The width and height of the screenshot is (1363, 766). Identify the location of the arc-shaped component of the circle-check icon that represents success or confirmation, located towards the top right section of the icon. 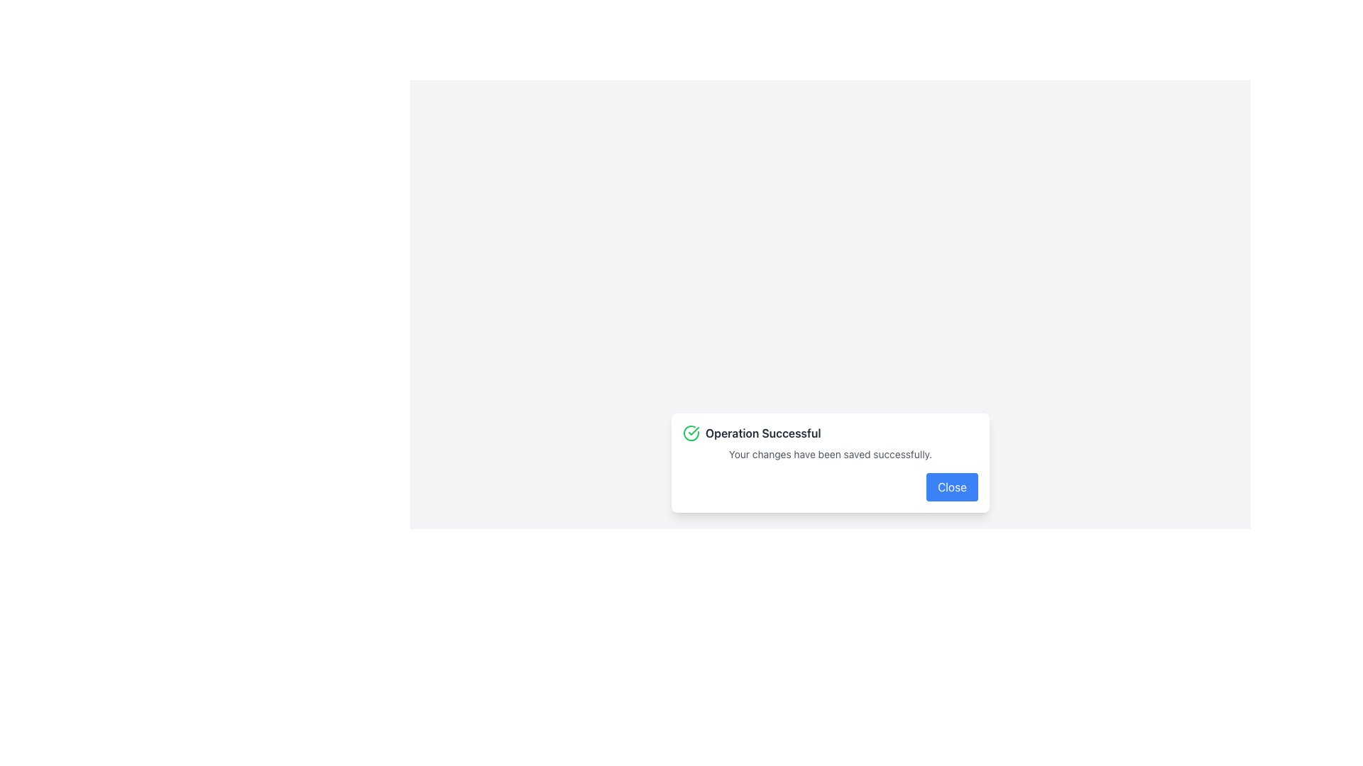
(691, 432).